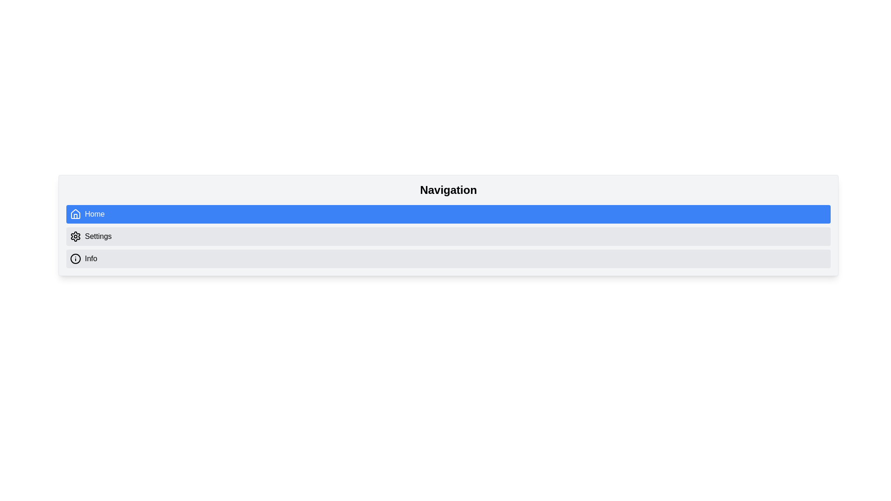  I want to click on the gear-shaped icon in the 'Settings' row, so click(76, 236).